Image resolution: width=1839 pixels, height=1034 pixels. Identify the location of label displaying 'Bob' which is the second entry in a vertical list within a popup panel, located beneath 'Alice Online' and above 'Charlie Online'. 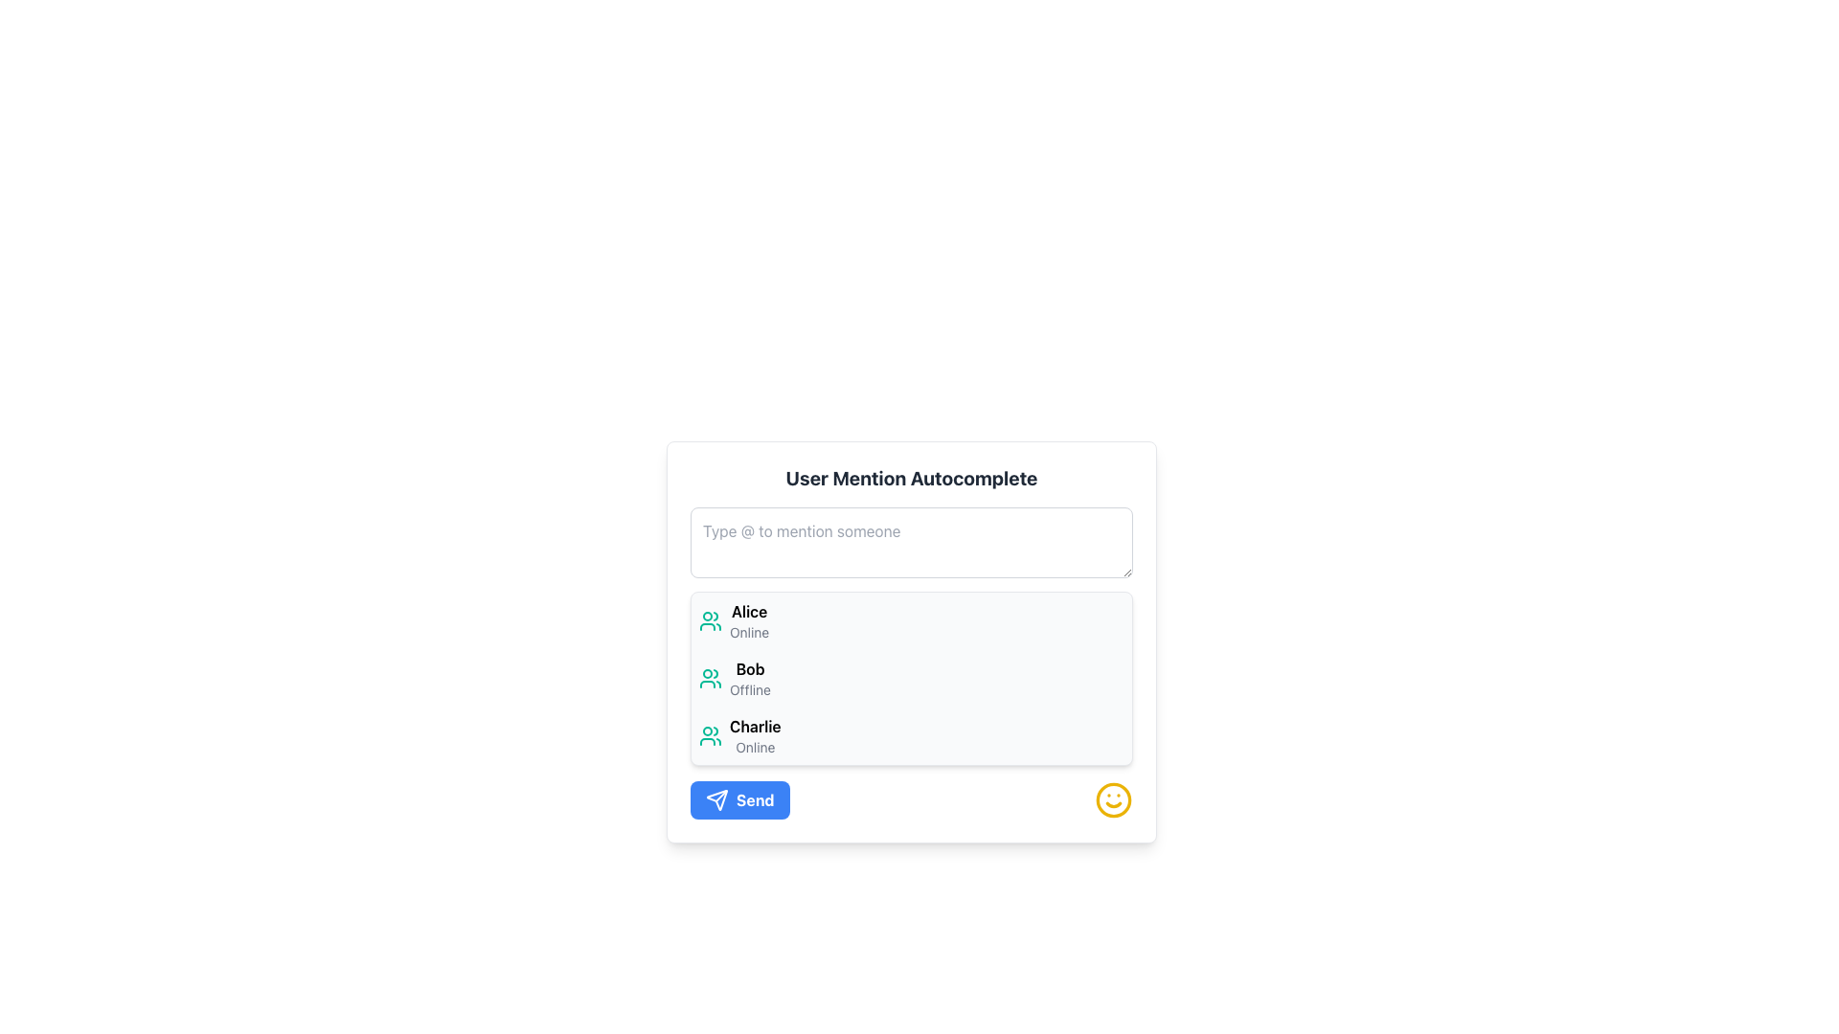
(749, 678).